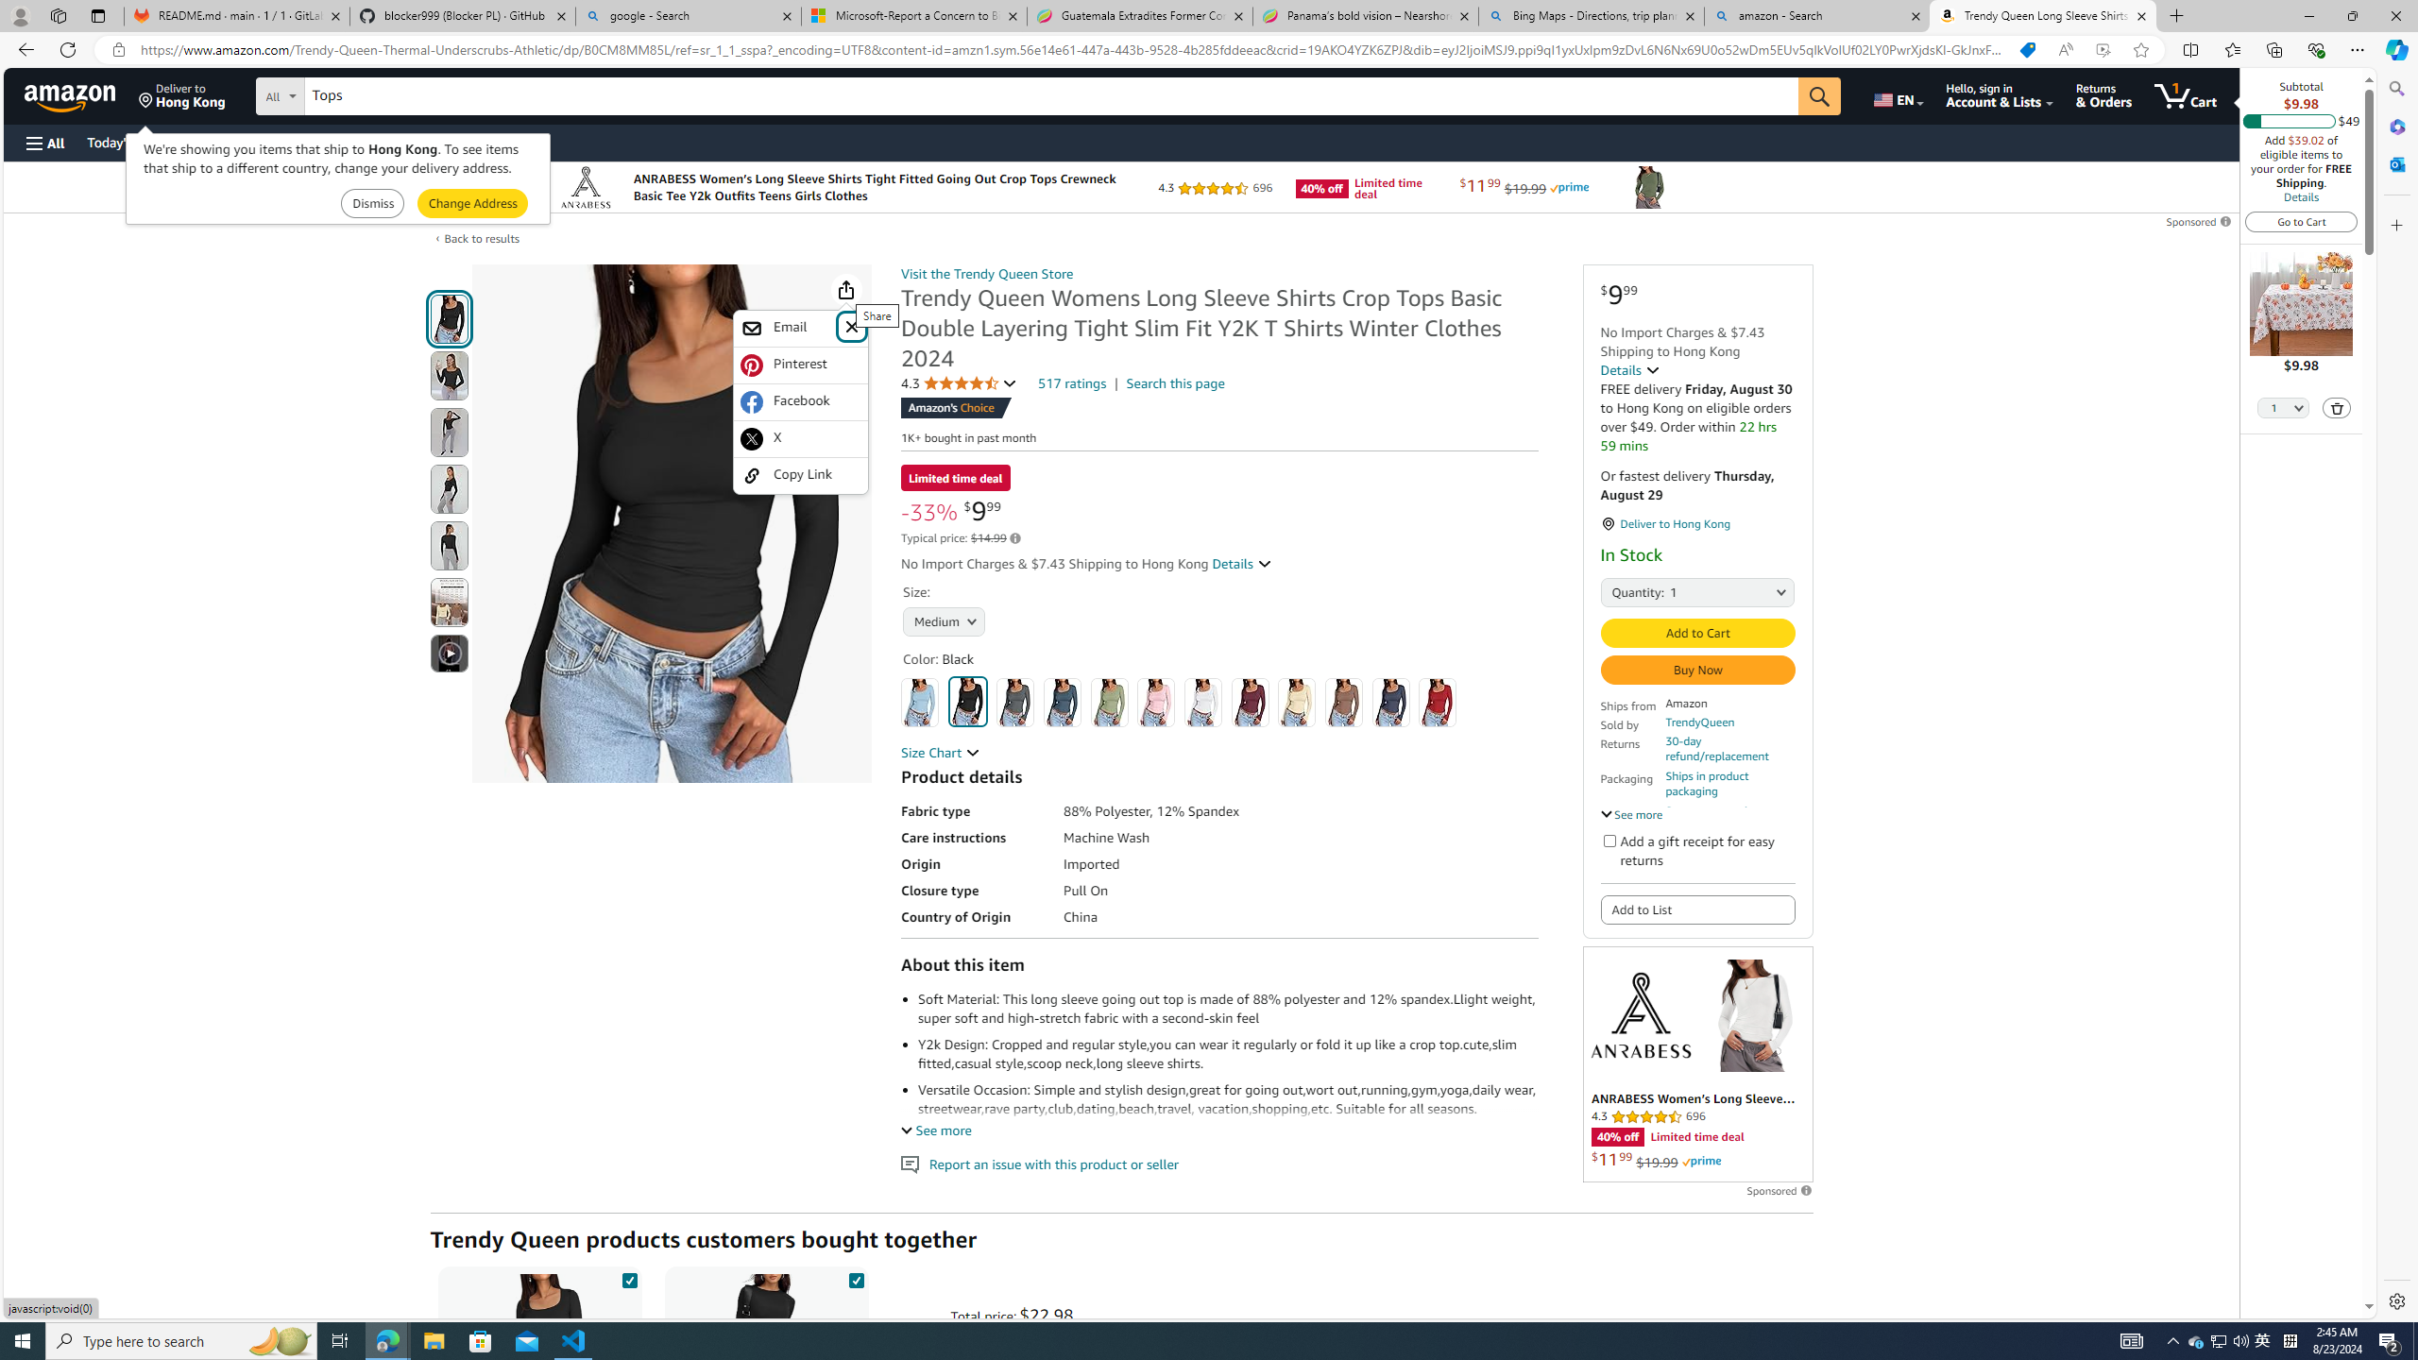 This screenshot has width=2418, height=1360. What do you see at coordinates (800, 474) in the screenshot?
I see `'Copy Link'` at bounding box center [800, 474].